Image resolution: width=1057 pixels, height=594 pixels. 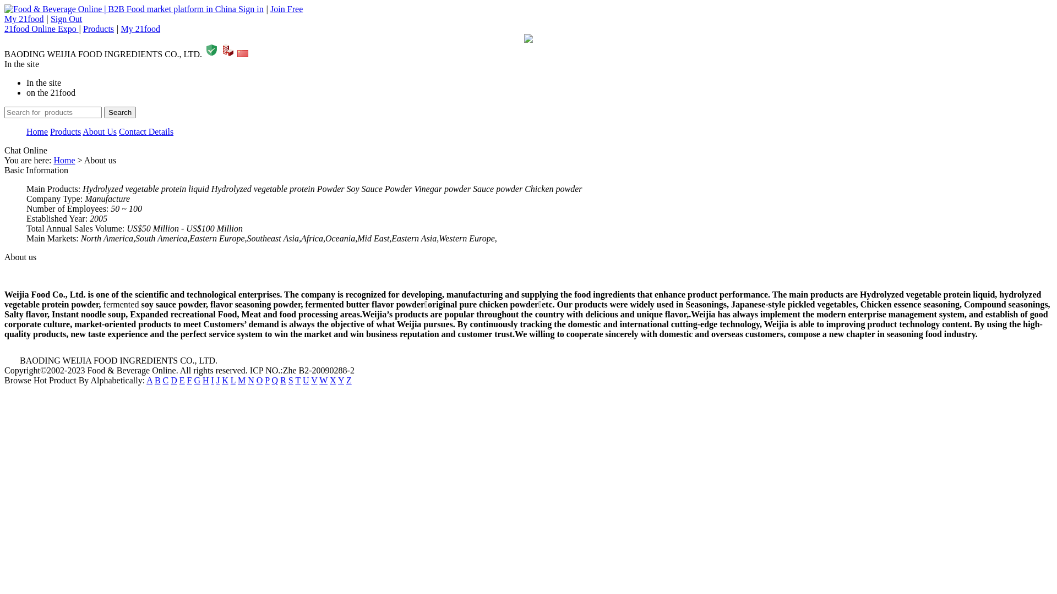 I want to click on 'Sign Out', so click(x=66, y=19).